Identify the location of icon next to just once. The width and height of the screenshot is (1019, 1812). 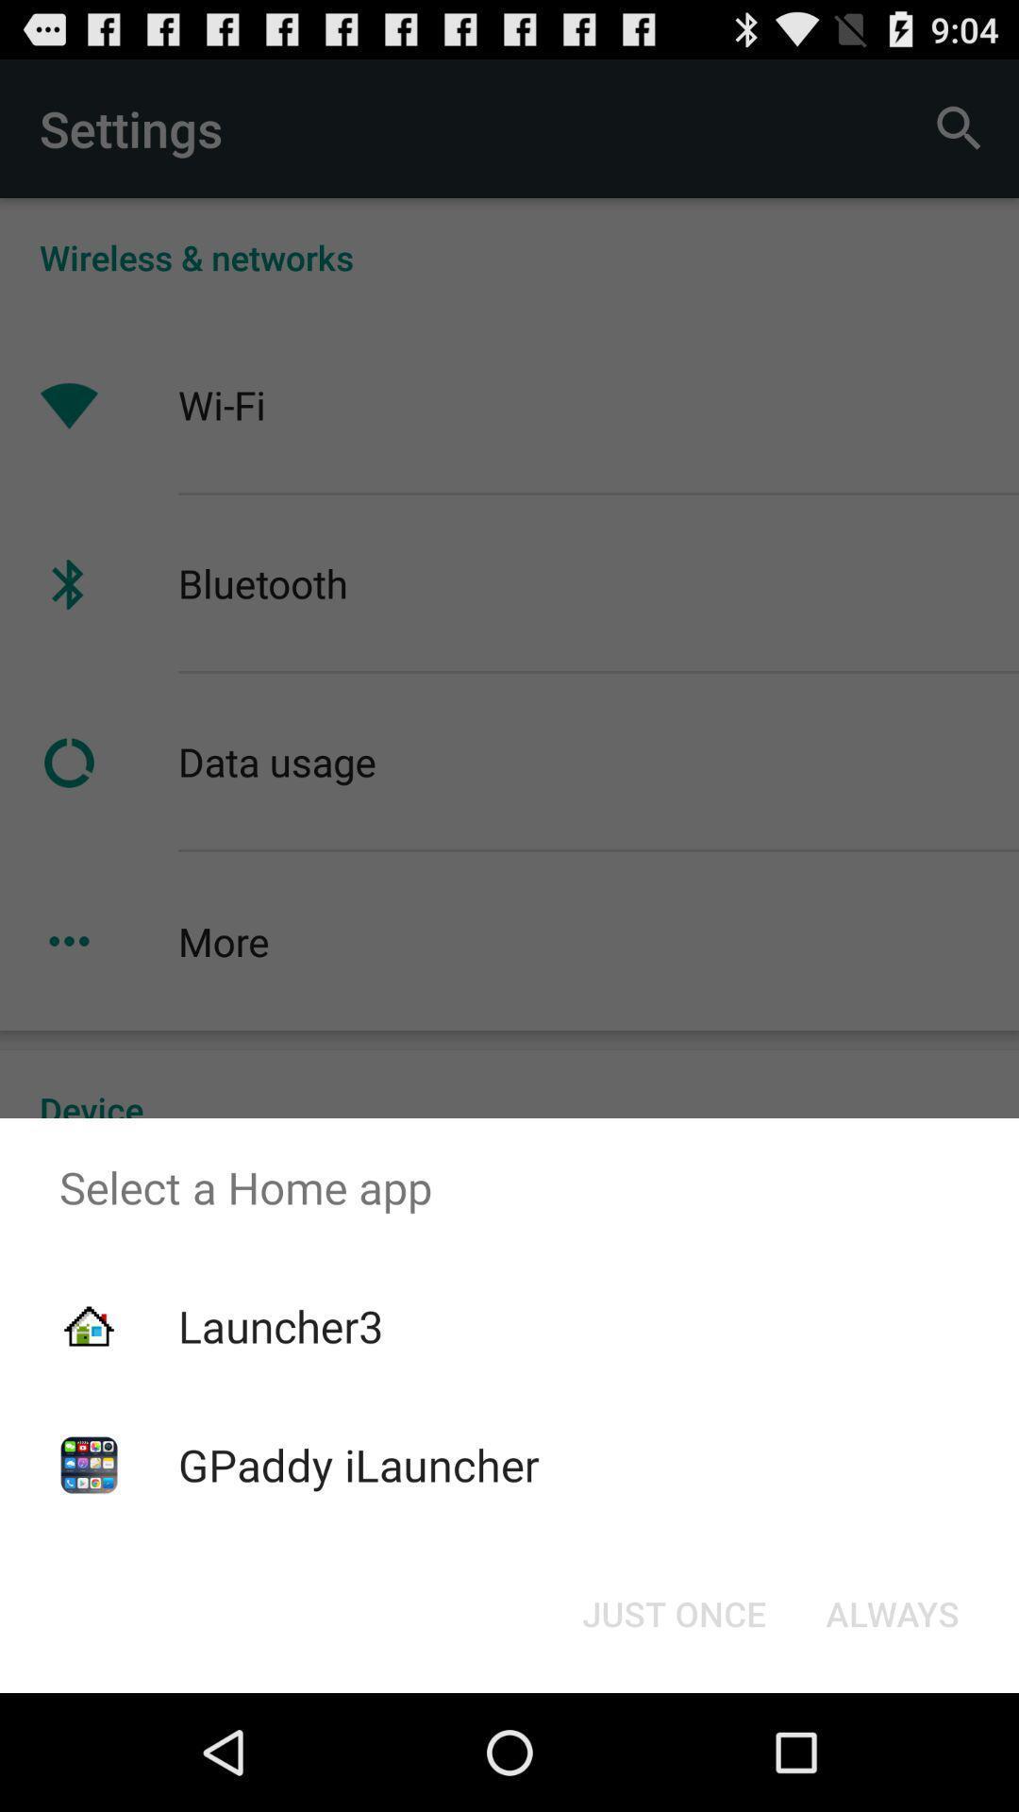
(892, 1612).